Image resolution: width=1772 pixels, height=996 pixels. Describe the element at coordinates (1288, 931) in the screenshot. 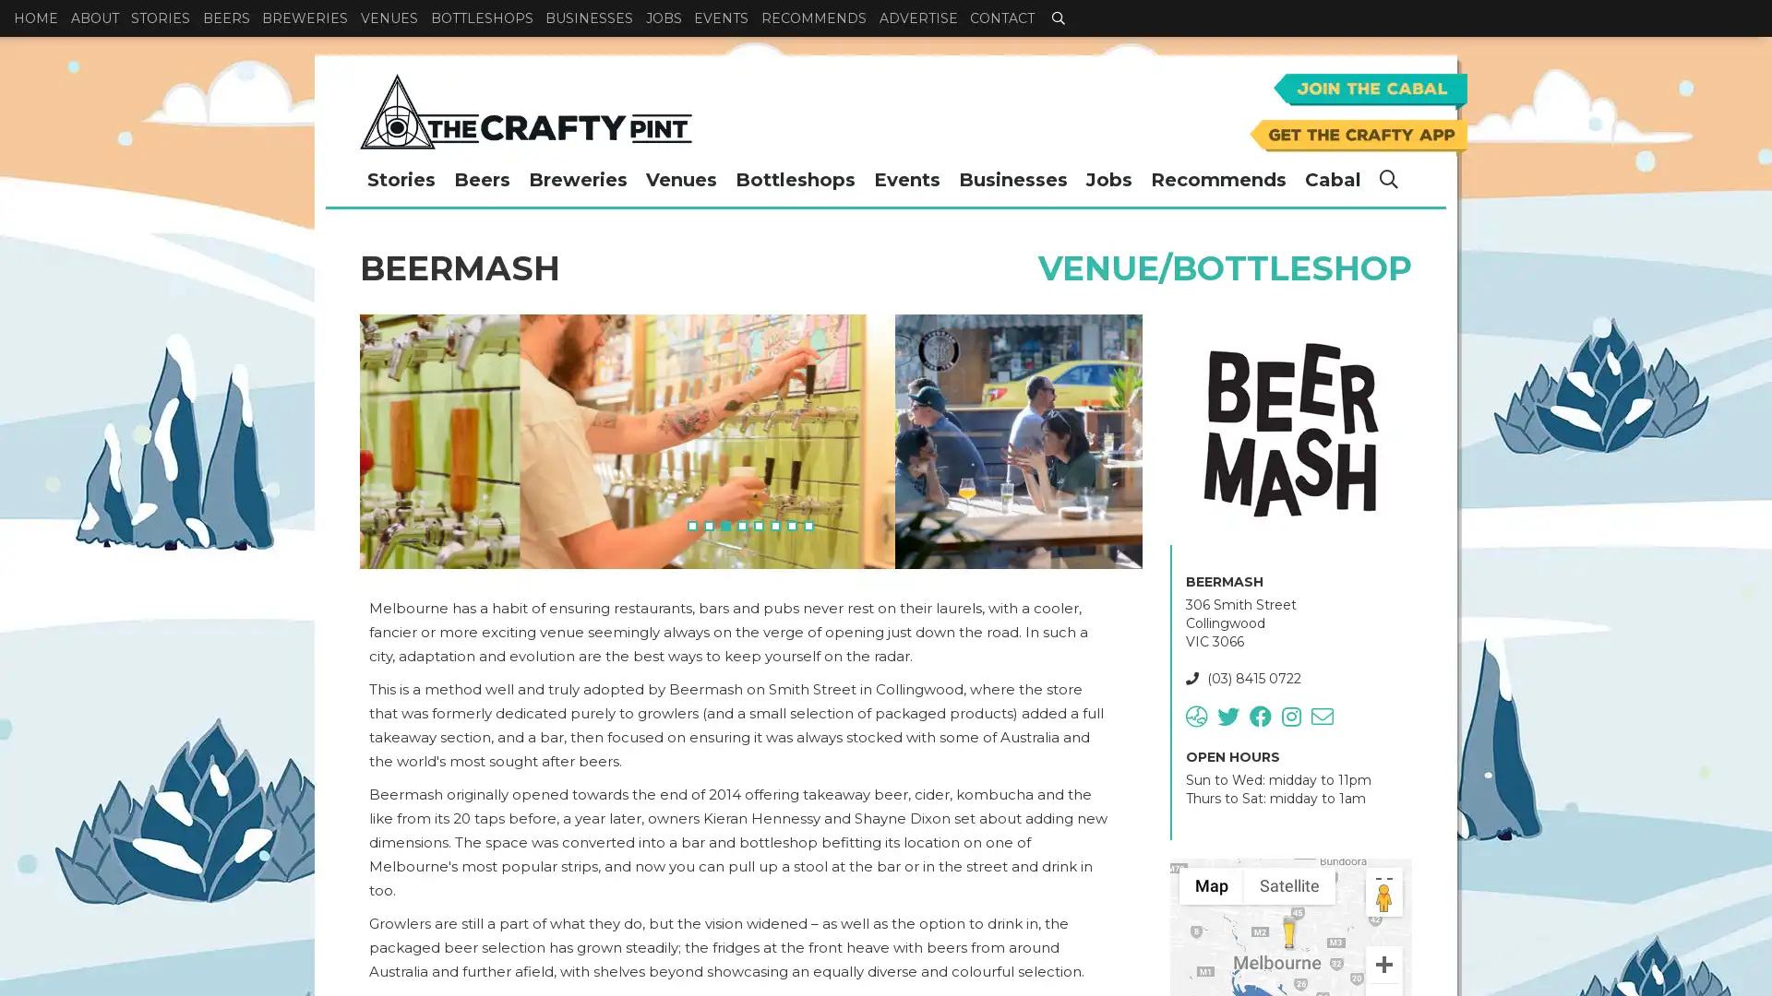

I see `Beermash` at that location.